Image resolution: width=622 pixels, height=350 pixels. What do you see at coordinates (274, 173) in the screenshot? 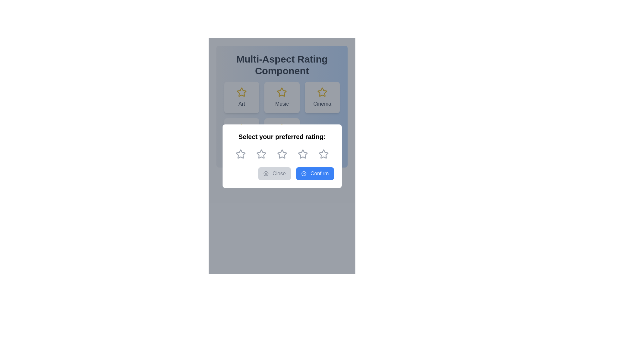
I see `the 'Close' button, which is a rectangular button with a gray background and rounded corners, located in the bottom section of the modal, aligned to the left of the 'Confirm' button` at bounding box center [274, 173].